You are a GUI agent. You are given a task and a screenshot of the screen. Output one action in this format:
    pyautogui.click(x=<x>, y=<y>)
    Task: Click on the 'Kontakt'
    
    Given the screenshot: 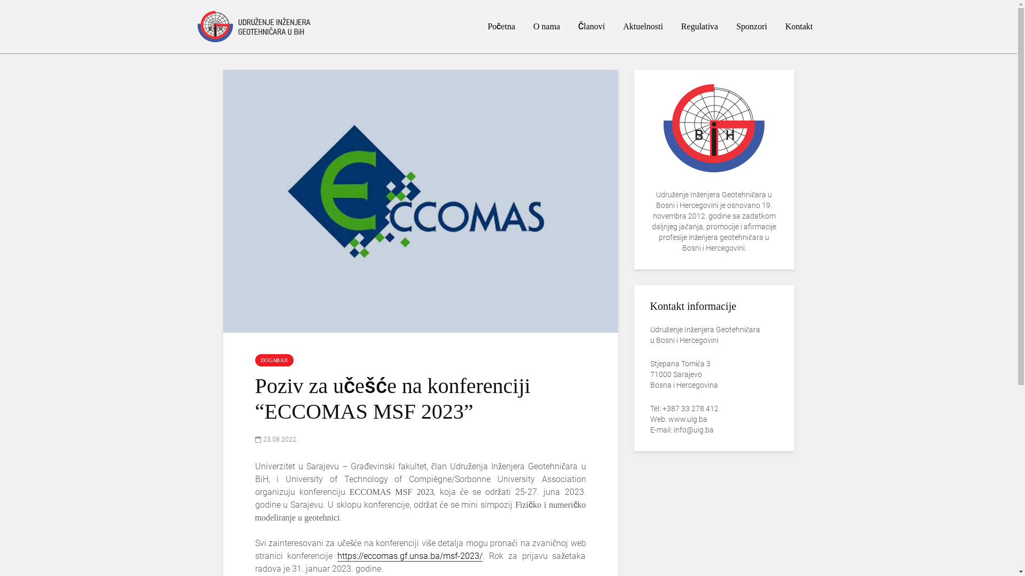 What is the action you would take?
    pyautogui.click(x=799, y=26)
    